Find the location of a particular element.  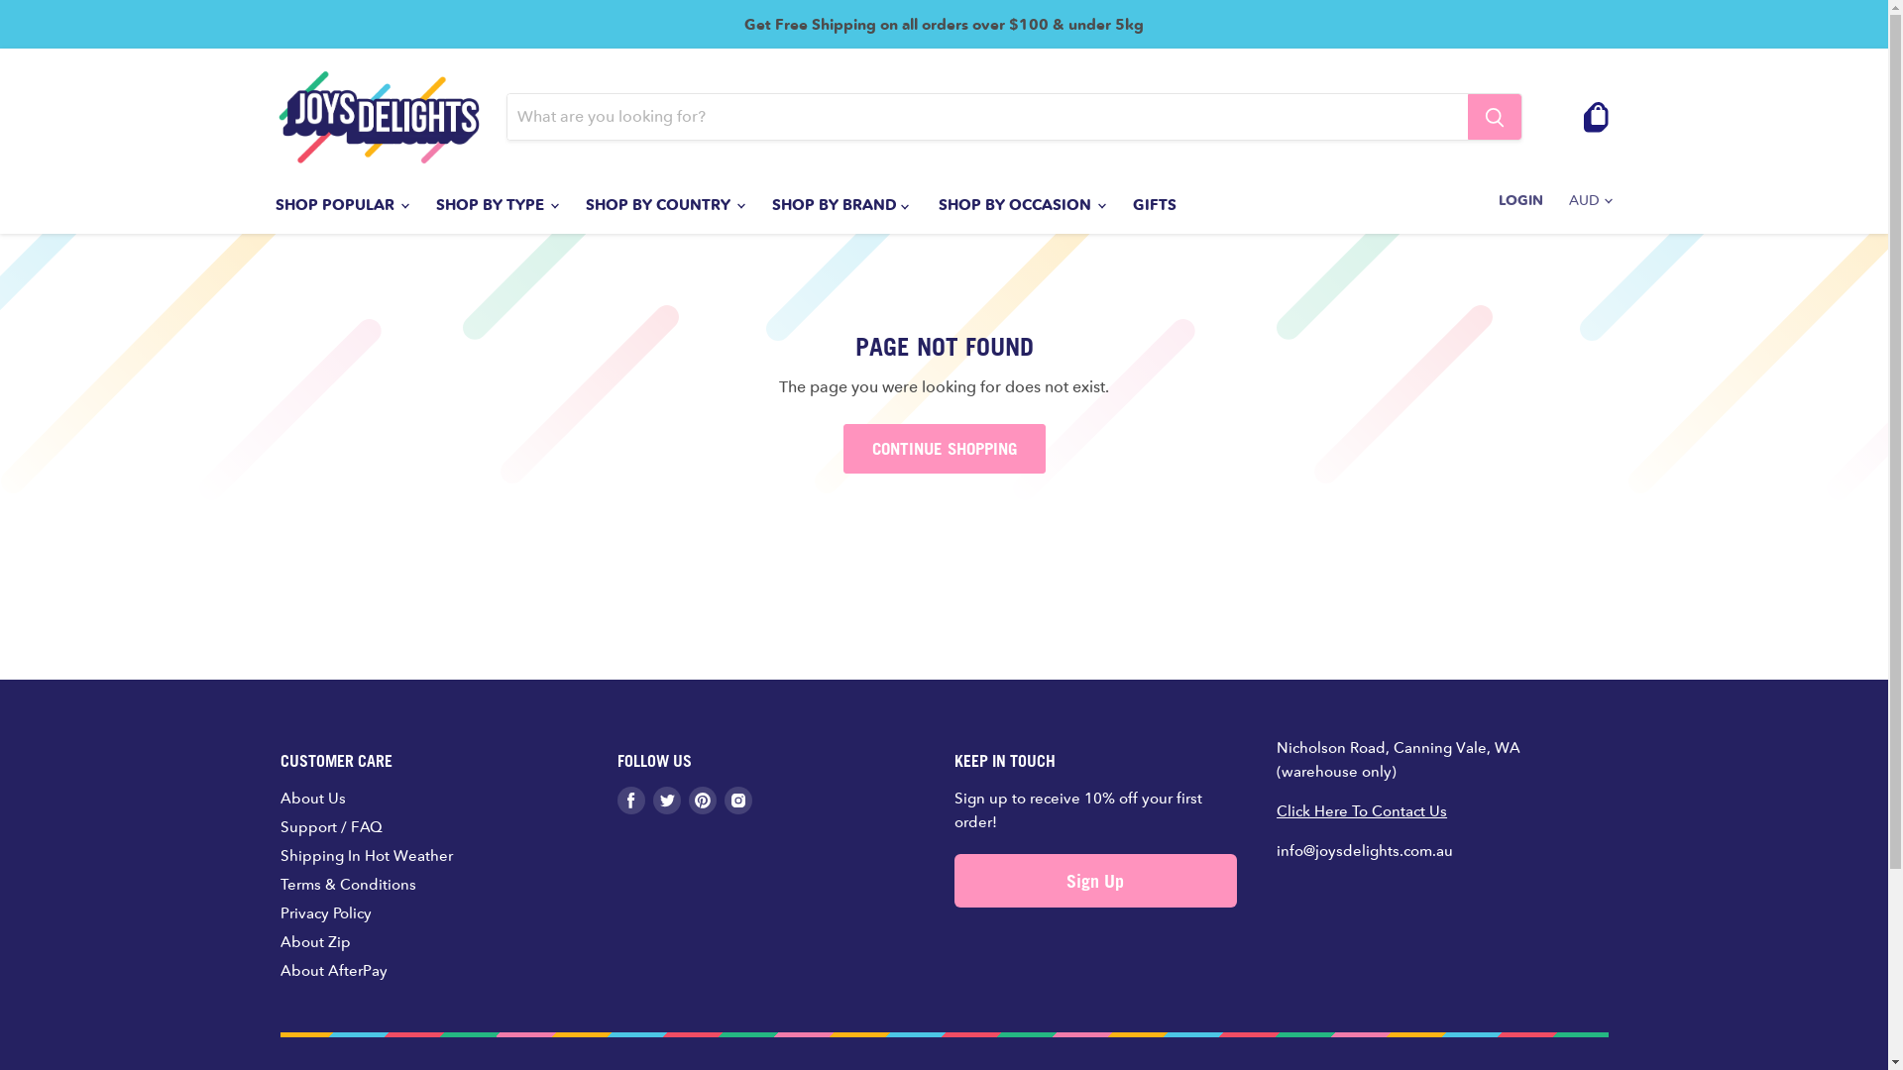

'About AfterPay' is located at coordinates (333, 969).